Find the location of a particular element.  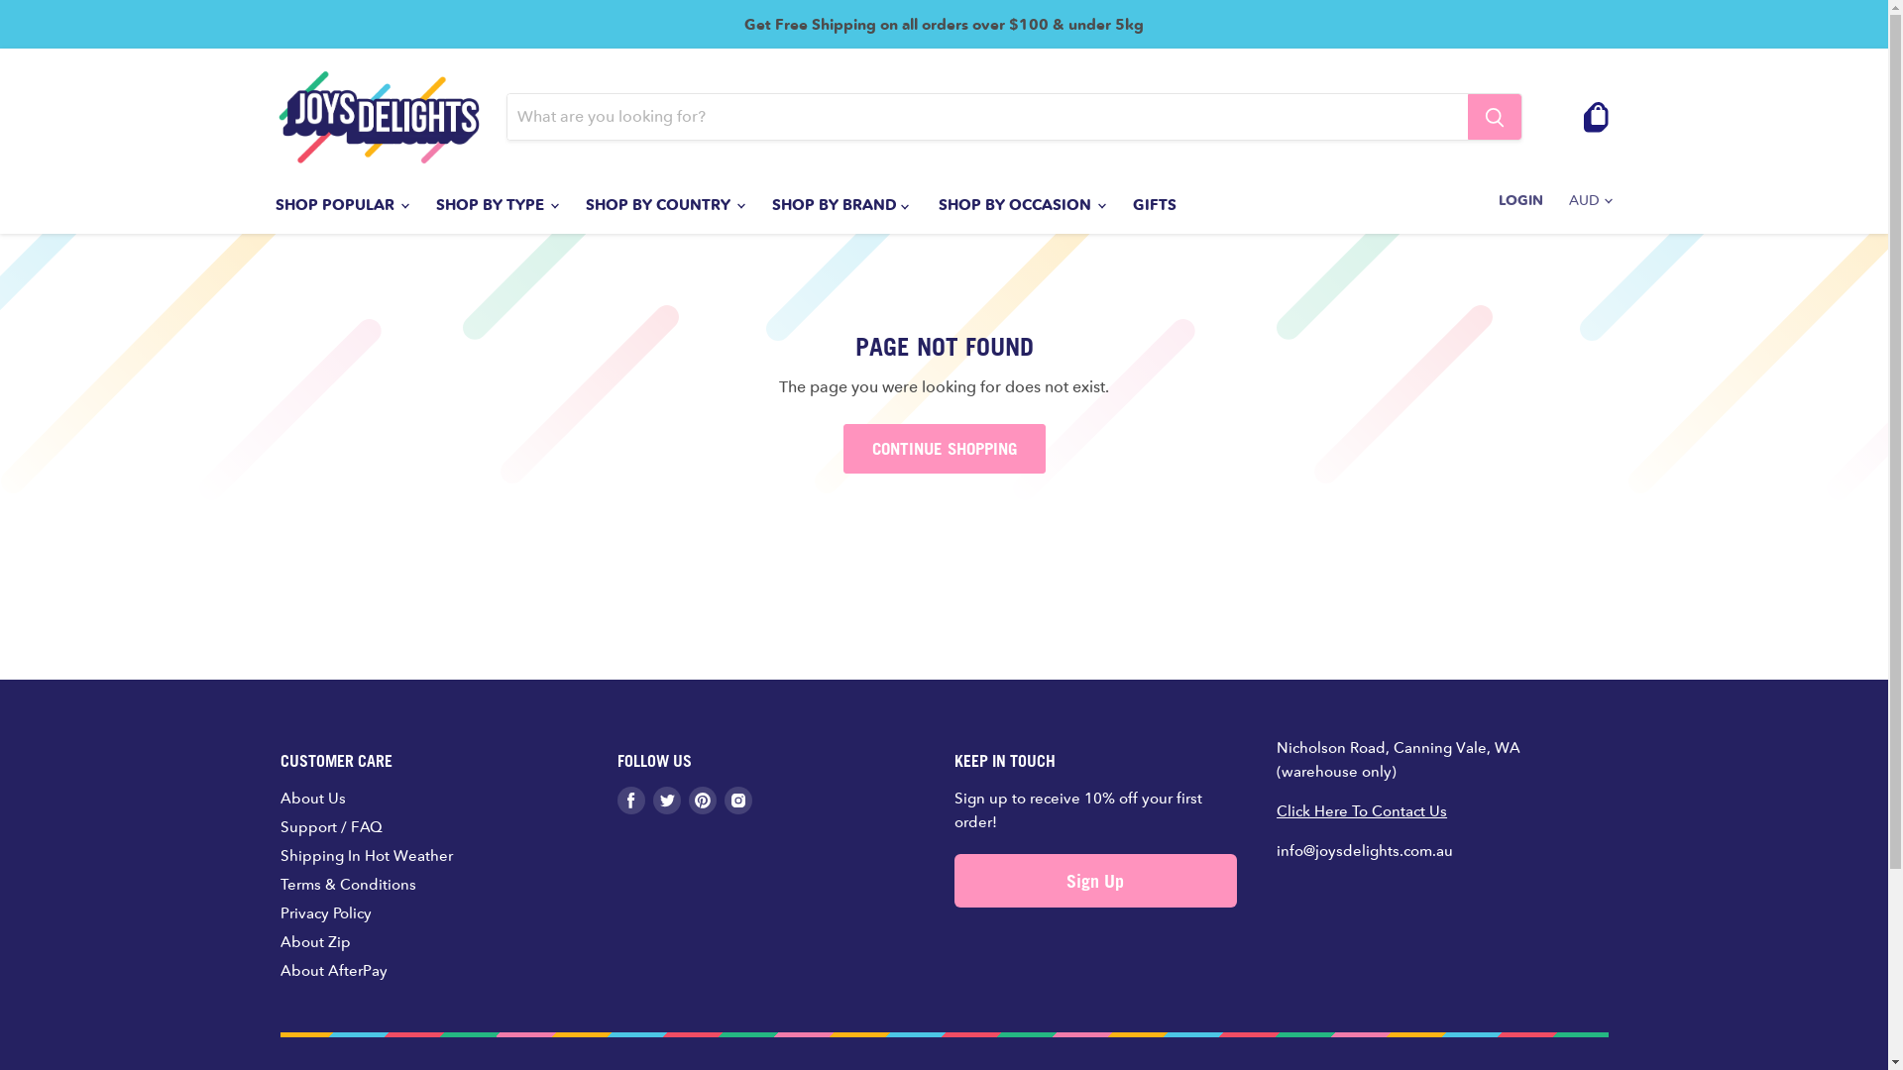

'About AfterPay' is located at coordinates (333, 969).